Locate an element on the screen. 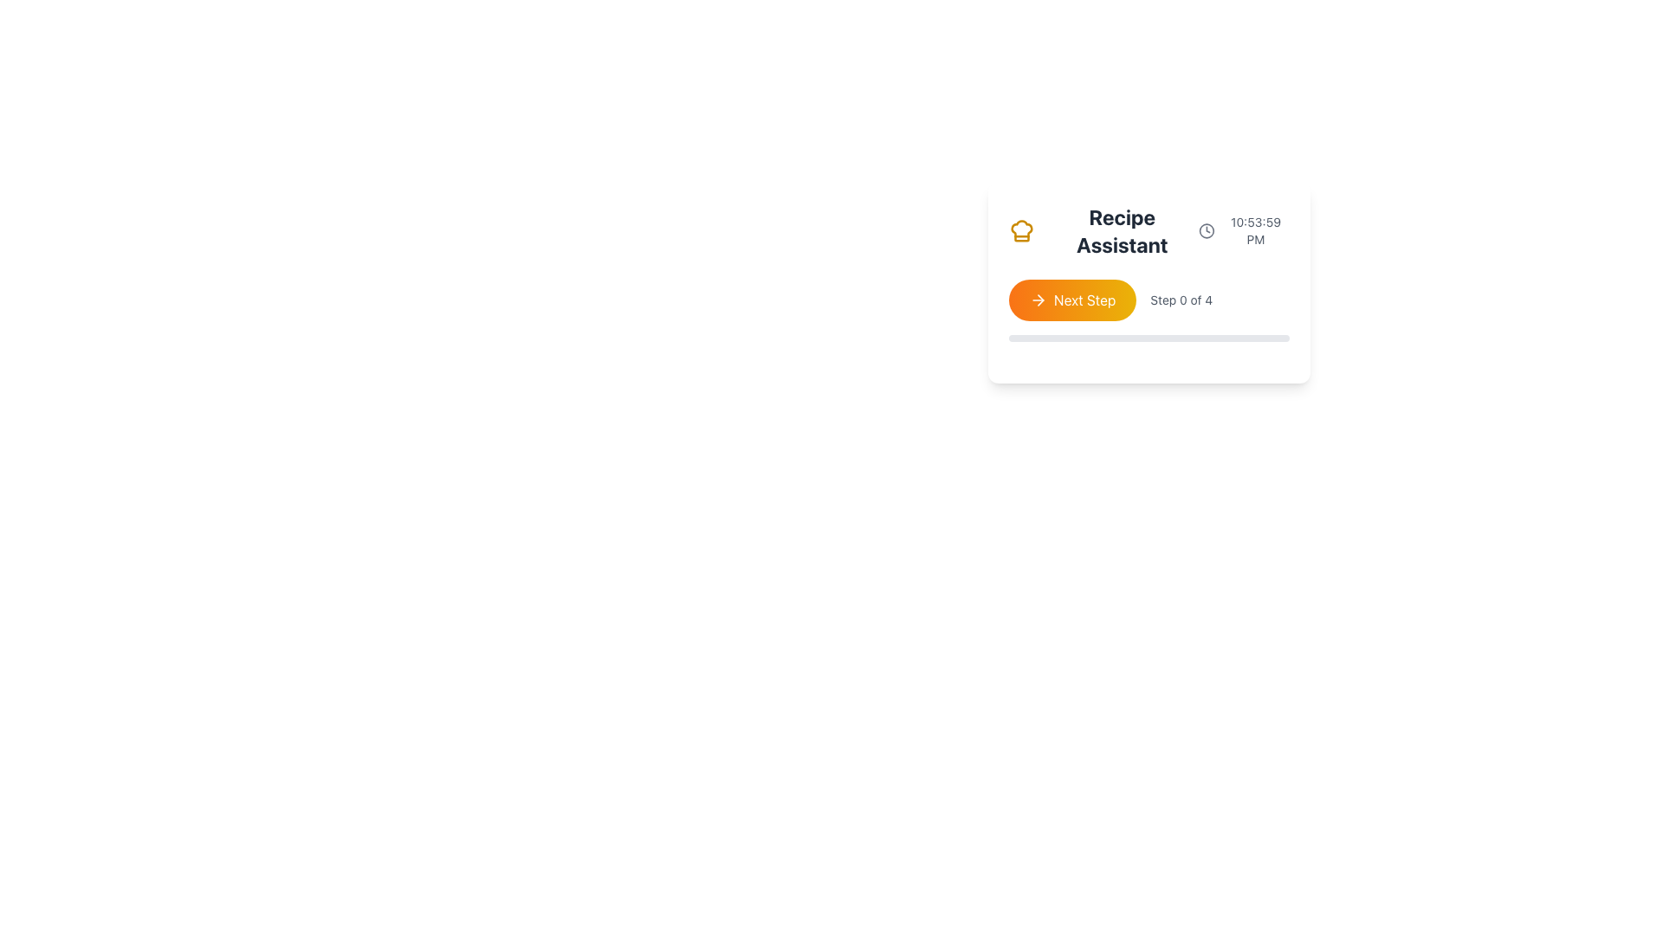  the circular SVG element representing the clock's face, which serves as the foundational layout for the clock icon located at the top-right section of the user interface card is located at coordinates (1206, 229).